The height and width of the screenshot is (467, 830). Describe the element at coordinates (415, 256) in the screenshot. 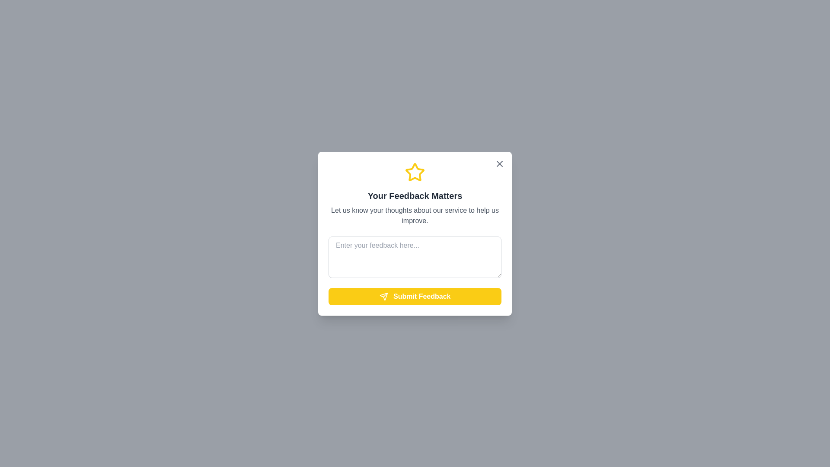

I see `the text area to focus on the placeholder text` at that location.